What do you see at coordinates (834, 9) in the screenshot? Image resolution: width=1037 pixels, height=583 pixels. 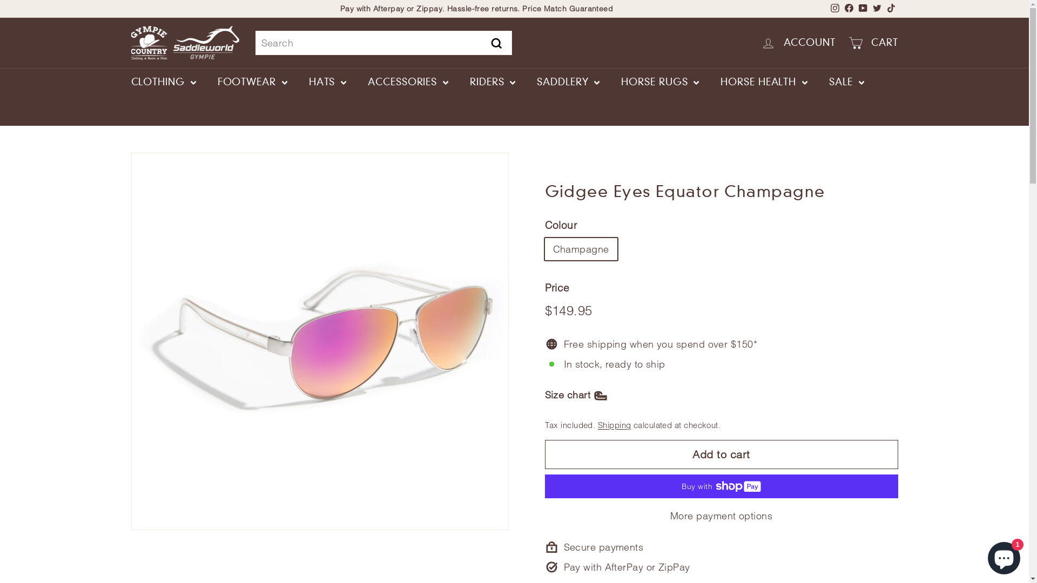 I see `'instagram` at bounding box center [834, 9].